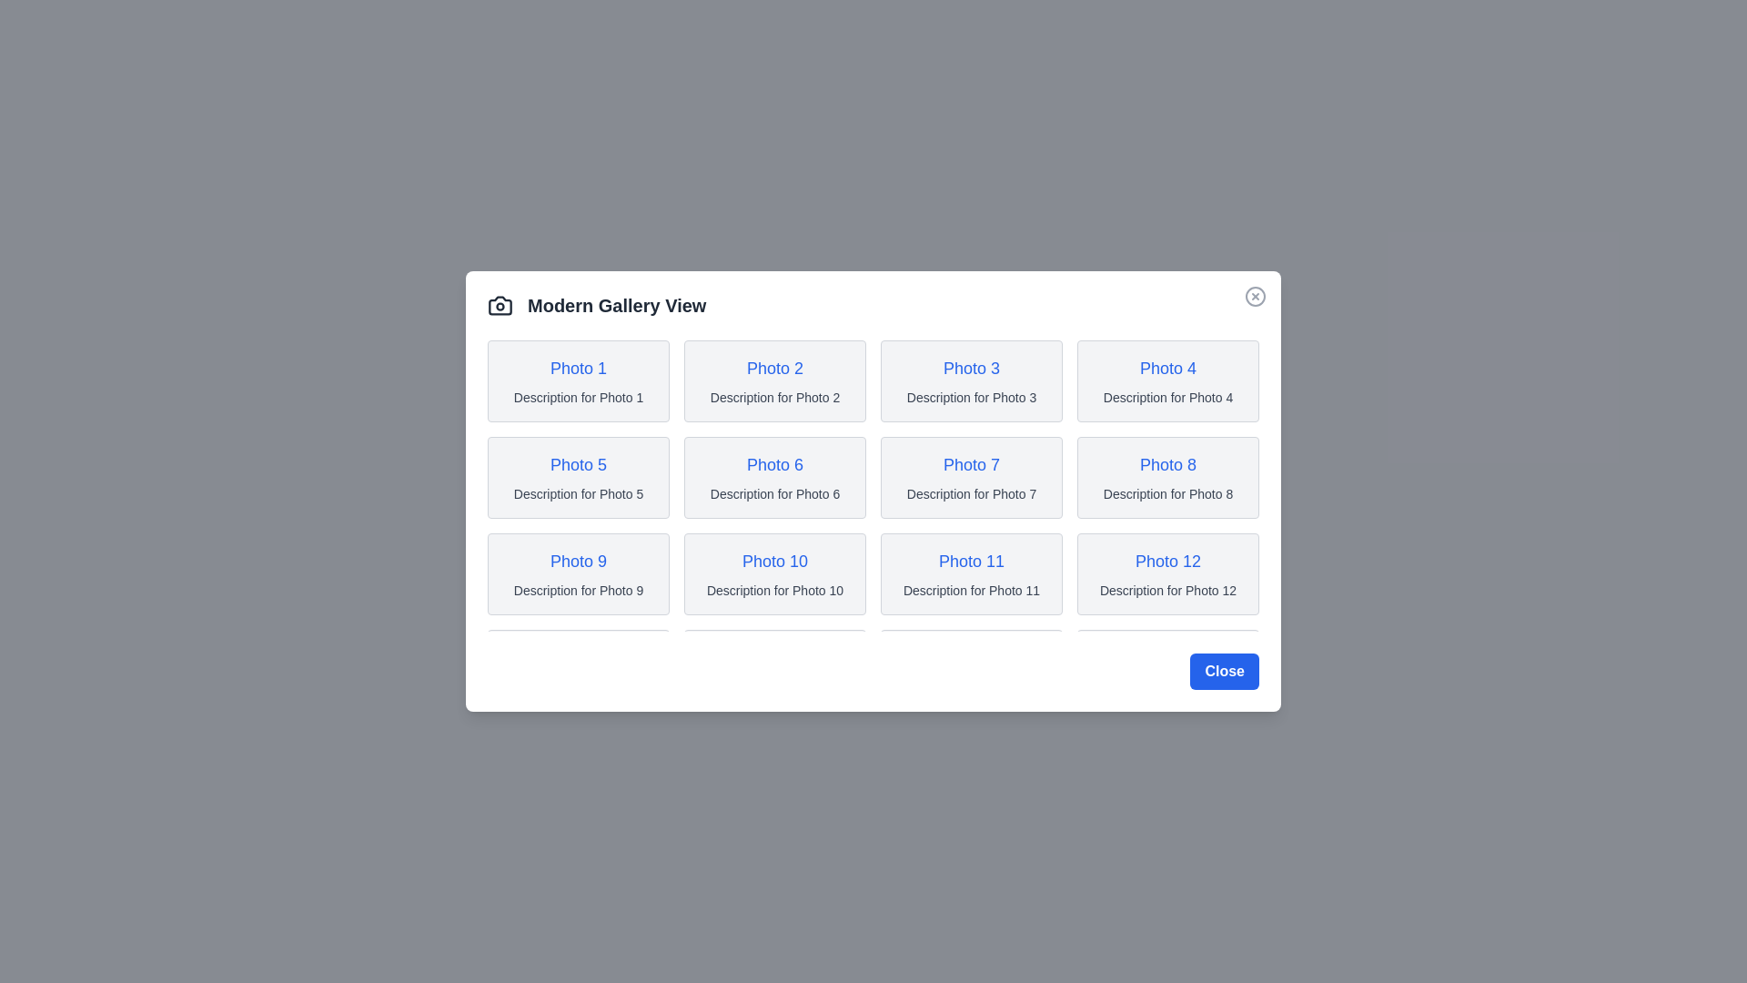  I want to click on the close button in the top-right corner of the dialog, so click(1255, 296).